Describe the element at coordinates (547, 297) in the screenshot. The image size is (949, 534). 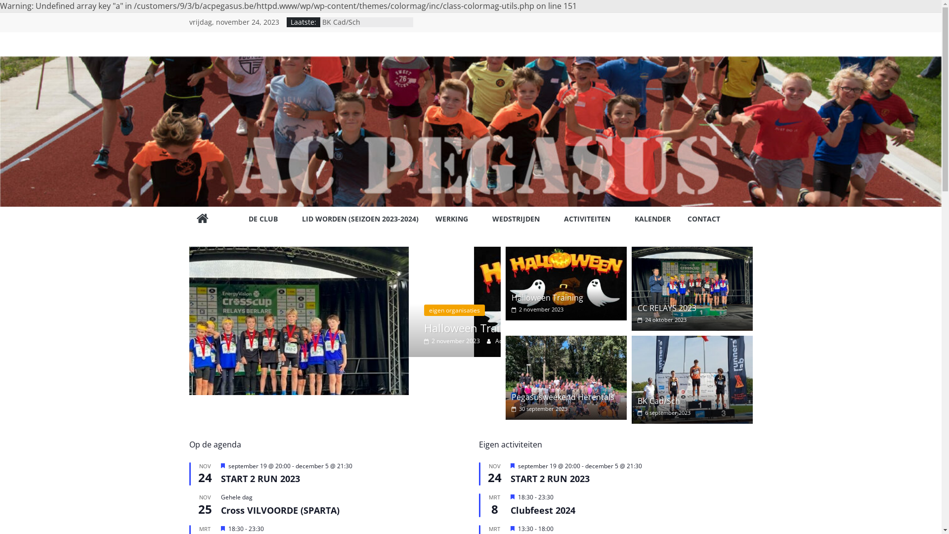
I see `'Halloween Training'` at that location.